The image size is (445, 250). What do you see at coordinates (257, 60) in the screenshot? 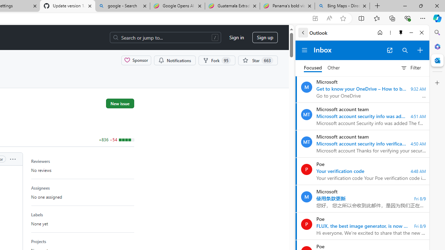
I see `'You must be signed in to star a repository'` at bounding box center [257, 60].